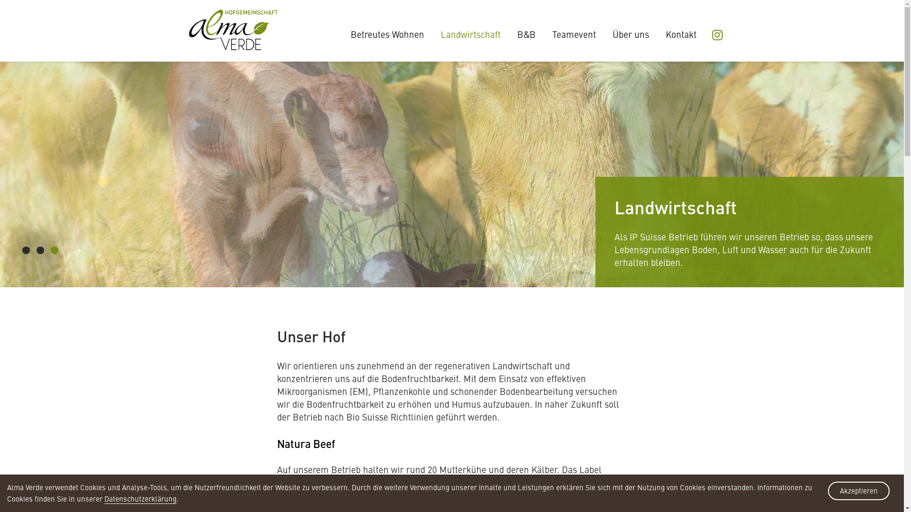 The width and height of the screenshot is (911, 512). I want to click on '3', so click(54, 250).